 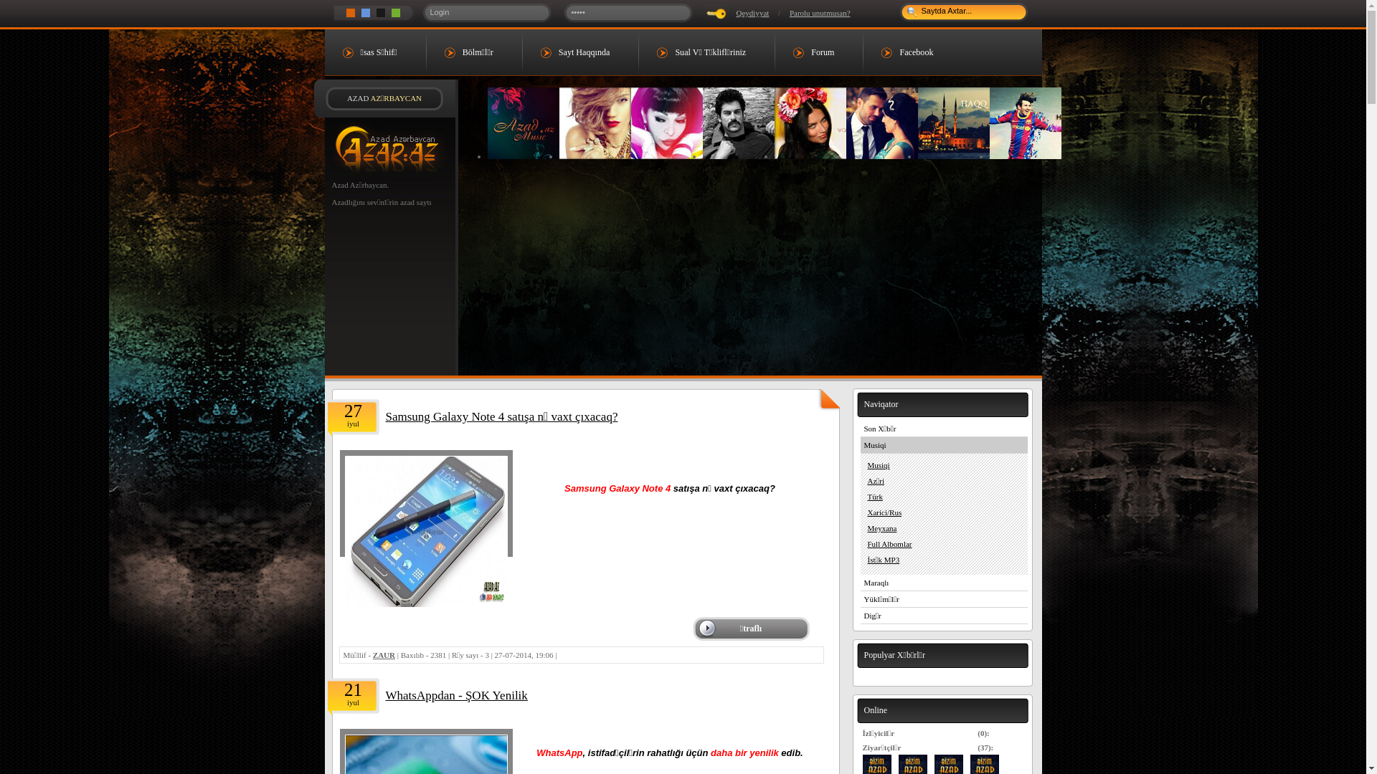 What do you see at coordinates (781, 13) in the screenshot?
I see `'Parolu unutmusan?'` at bounding box center [781, 13].